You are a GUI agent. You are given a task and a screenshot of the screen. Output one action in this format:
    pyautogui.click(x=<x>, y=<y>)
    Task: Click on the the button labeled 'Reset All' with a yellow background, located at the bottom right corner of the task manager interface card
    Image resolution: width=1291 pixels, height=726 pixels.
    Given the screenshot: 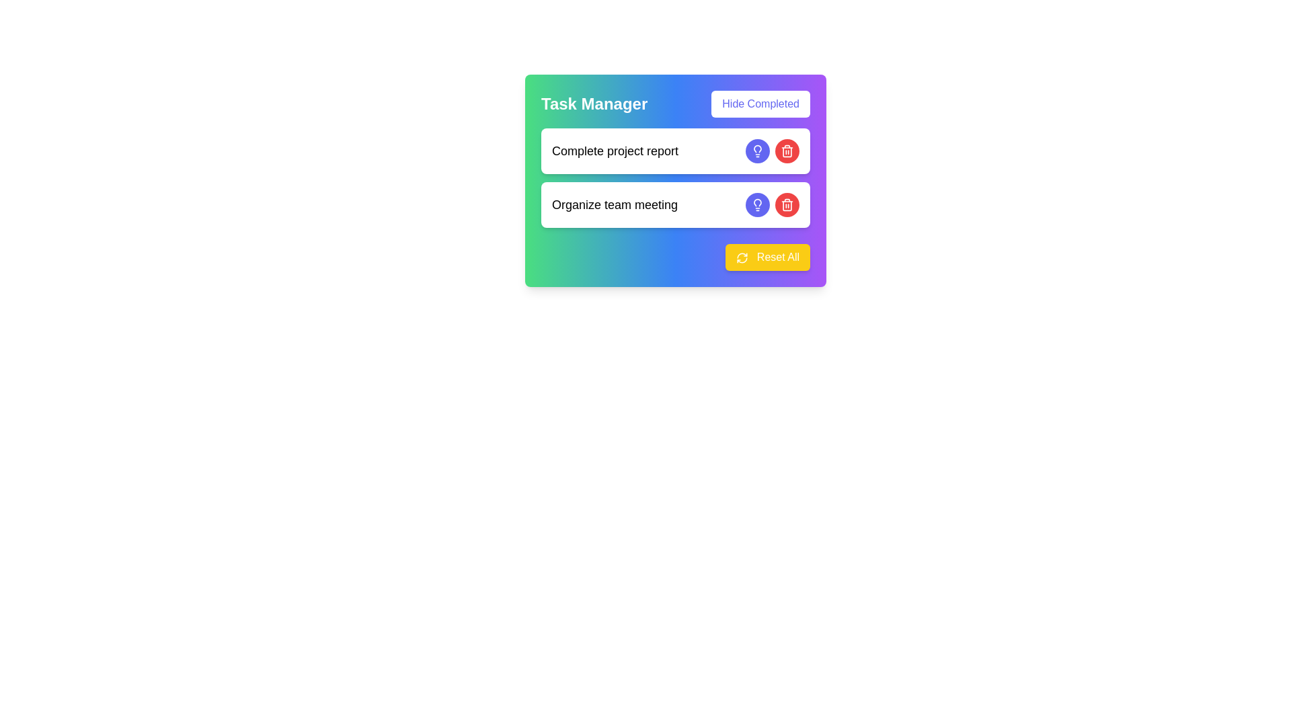 What is the action you would take?
    pyautogui.click(x=675, y=257)
    